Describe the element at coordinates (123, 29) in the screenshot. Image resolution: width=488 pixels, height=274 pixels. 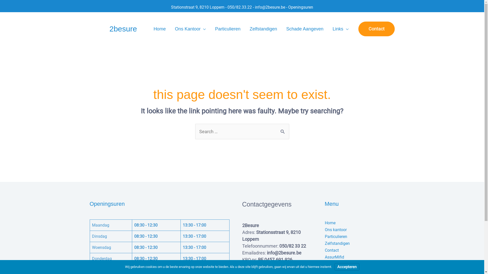
I see `'2besure'` at that location.